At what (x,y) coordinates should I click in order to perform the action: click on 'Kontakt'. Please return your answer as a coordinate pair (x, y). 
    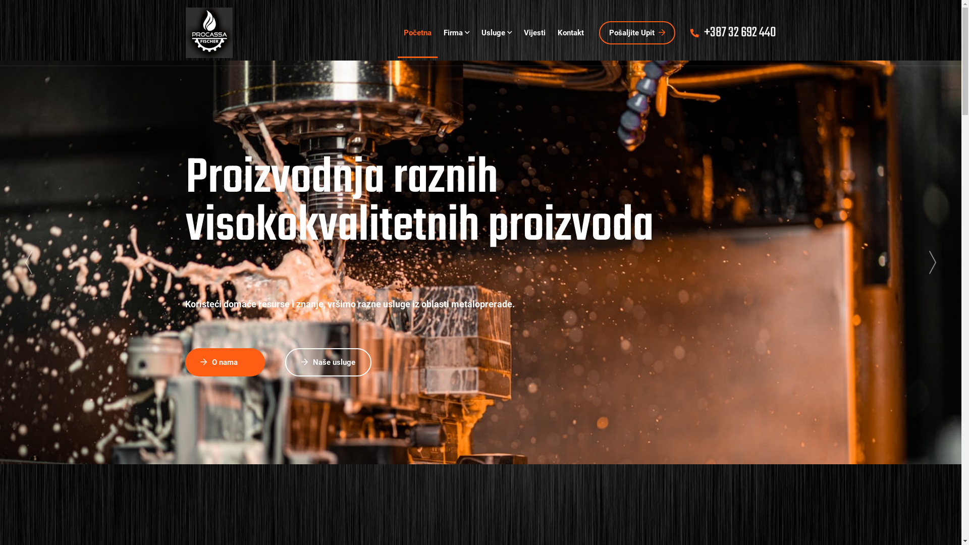
    Looking at the image, I should click on (550, 32).